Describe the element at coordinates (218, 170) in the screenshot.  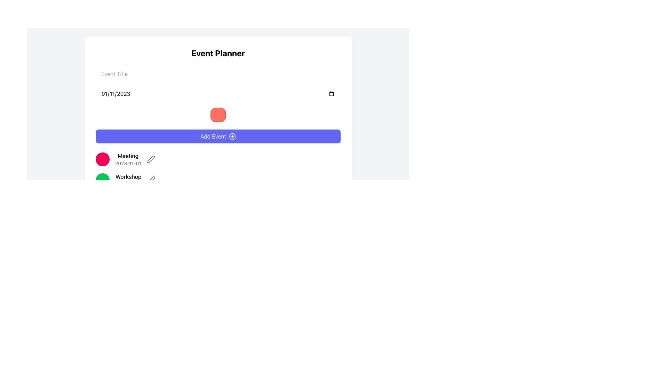
I see `the scheduled events list` at that location.